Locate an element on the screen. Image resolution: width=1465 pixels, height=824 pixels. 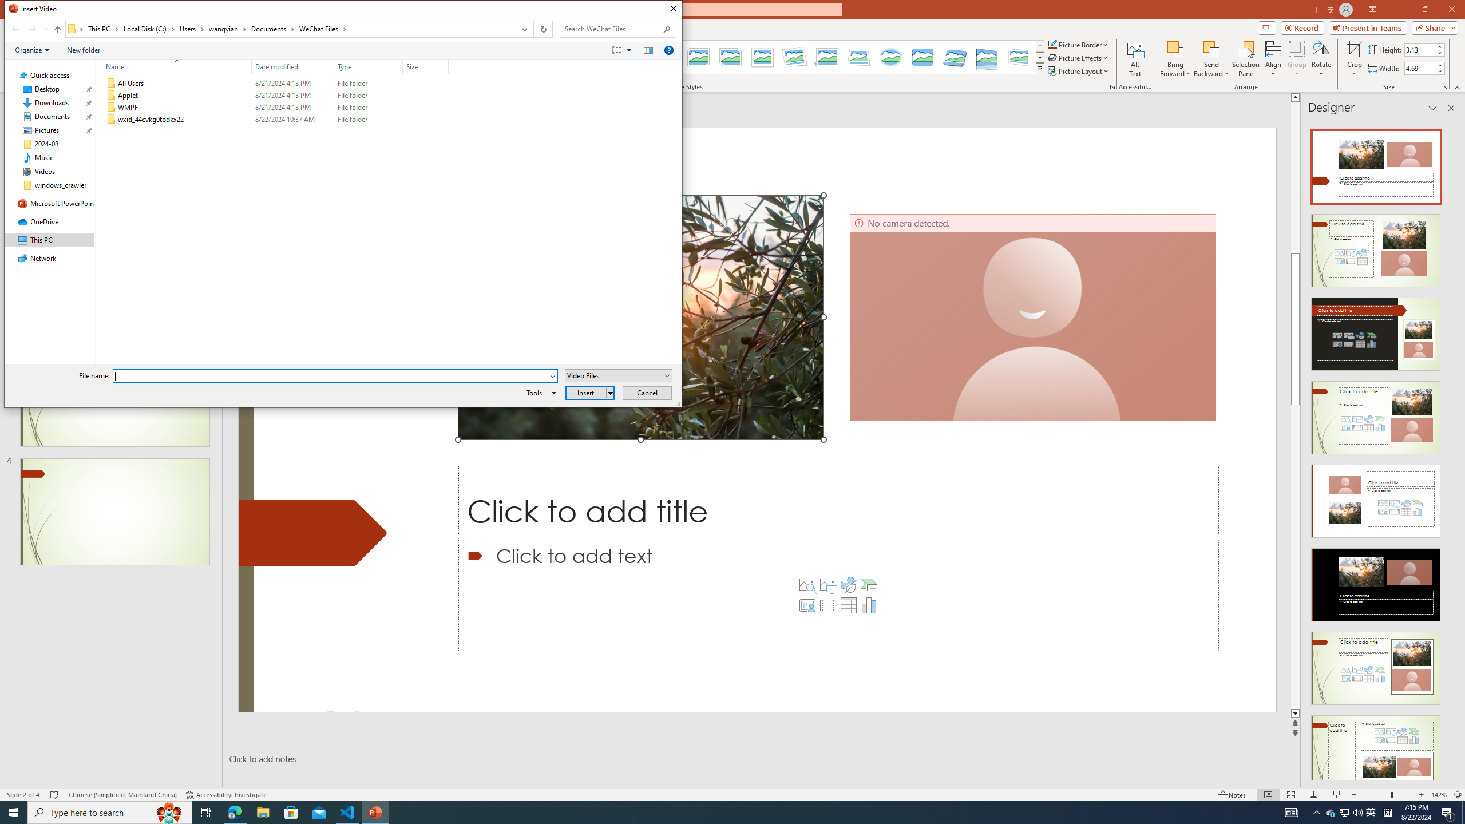
'Shape Width' is located at coordinates (1419, 68).